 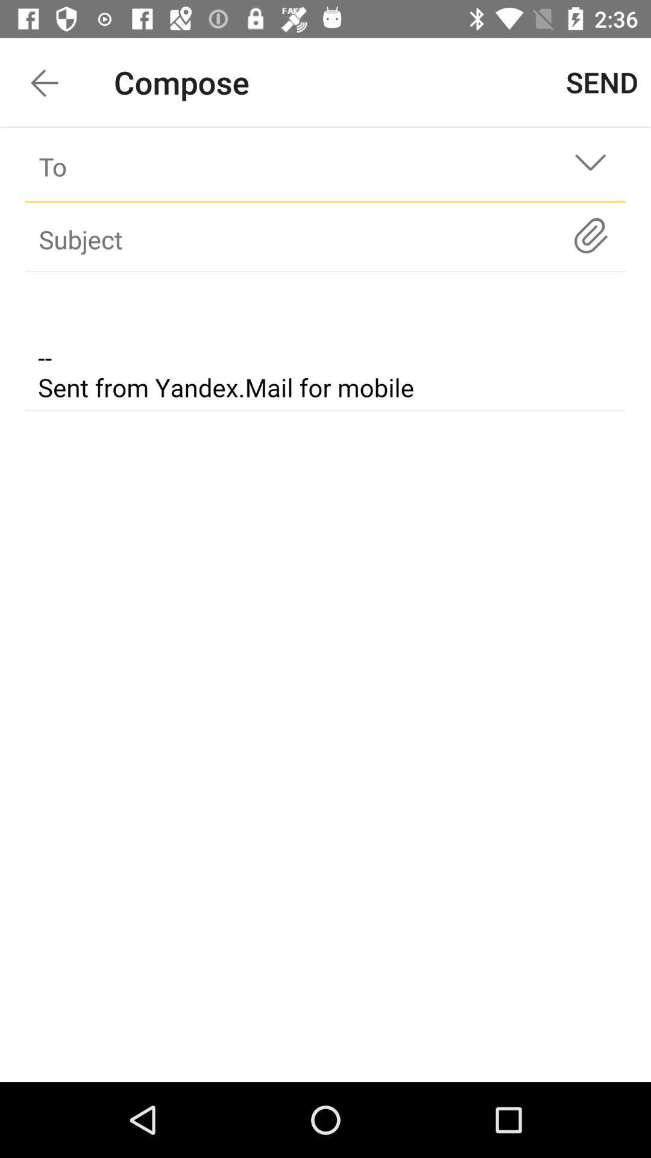 What do you see at coordinates (325, 343) in the screenshot?
I see `opens text box for email body` at bounding box center [325, 343].